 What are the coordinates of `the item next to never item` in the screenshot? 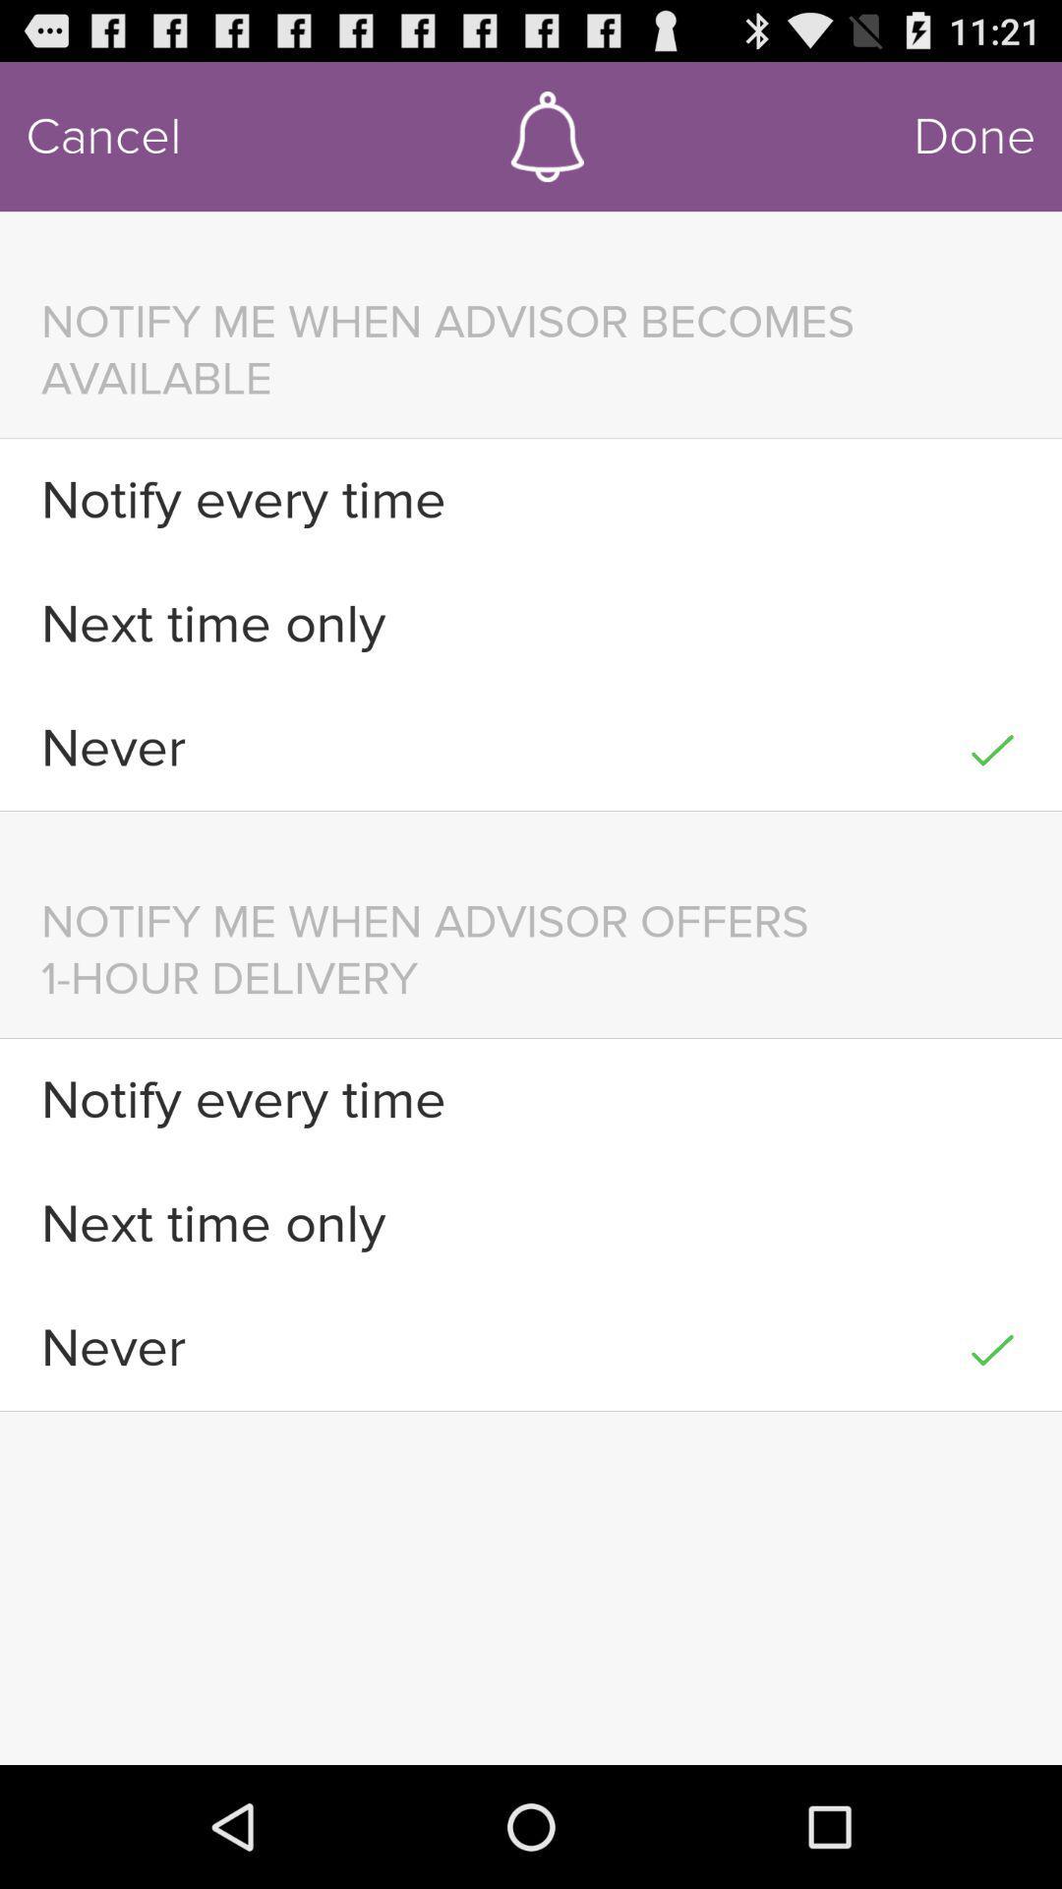 It's located at (992, 1347).